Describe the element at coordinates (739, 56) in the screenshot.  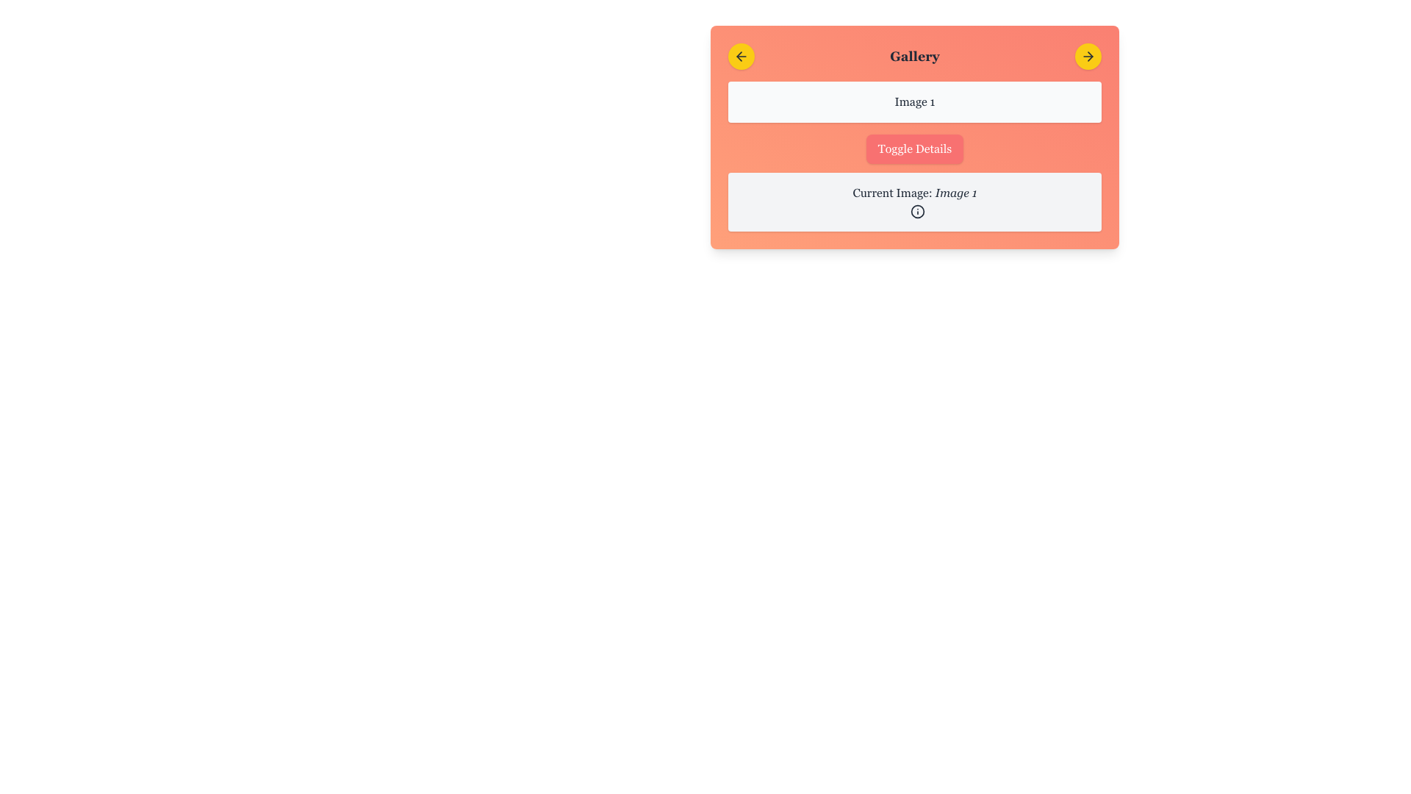
I see `the left-pointing triangular arrow icon located inside a circular yellow background at the top left corner of the card interface` at that location.